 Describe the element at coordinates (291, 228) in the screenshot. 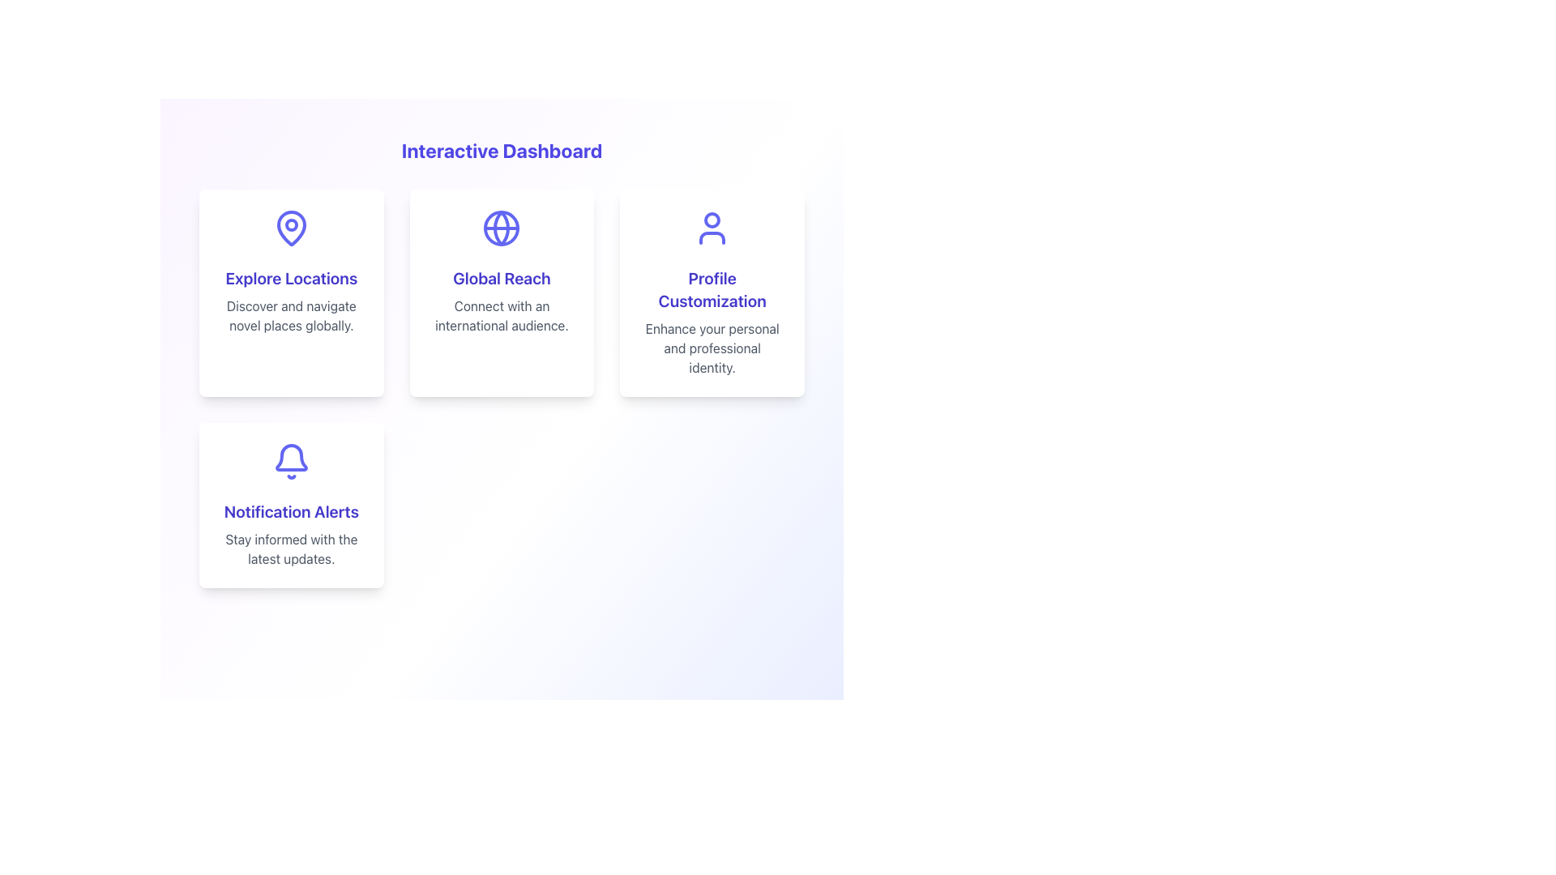

I see `the SVG Icon representing the functionality of exploring locations, which is located within the 'Explore Locations' card in the top-left quadrant of the grid layout` at that location.